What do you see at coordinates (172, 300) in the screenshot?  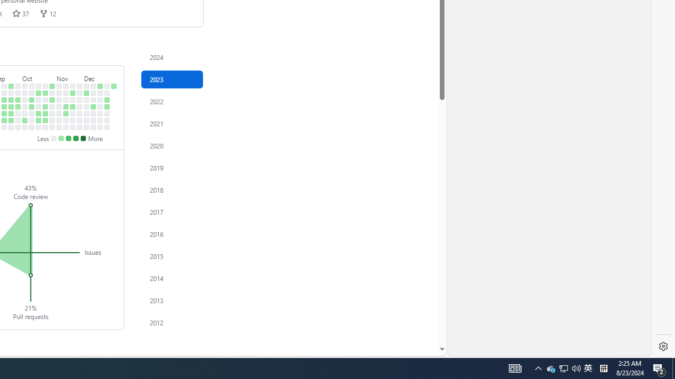 I see `'2013'` at bounding box center [172, 300].